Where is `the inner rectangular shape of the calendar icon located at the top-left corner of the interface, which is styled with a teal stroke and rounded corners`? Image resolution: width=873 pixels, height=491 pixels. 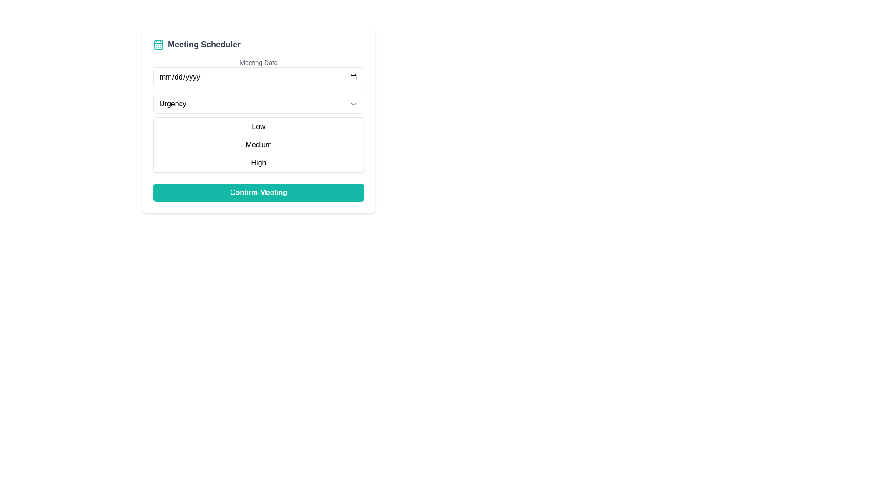
the inner rectangular shape of the calendar icon located at the top-left corner of the interface, which is styled with a teal stroke and rounded corners is located at coordinates (159, 45).